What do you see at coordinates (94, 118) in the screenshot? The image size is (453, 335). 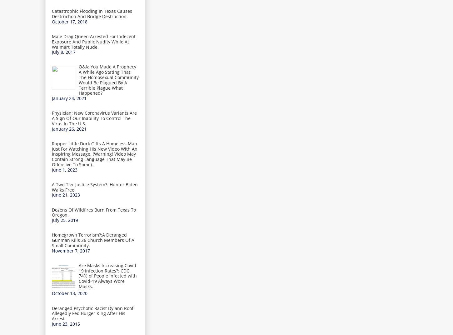 I see `'Physician: New Coronavirus Variants Are A Sign Of Our Inability To Control The Virus In The U.S.'` at bounding box center [94, 118].